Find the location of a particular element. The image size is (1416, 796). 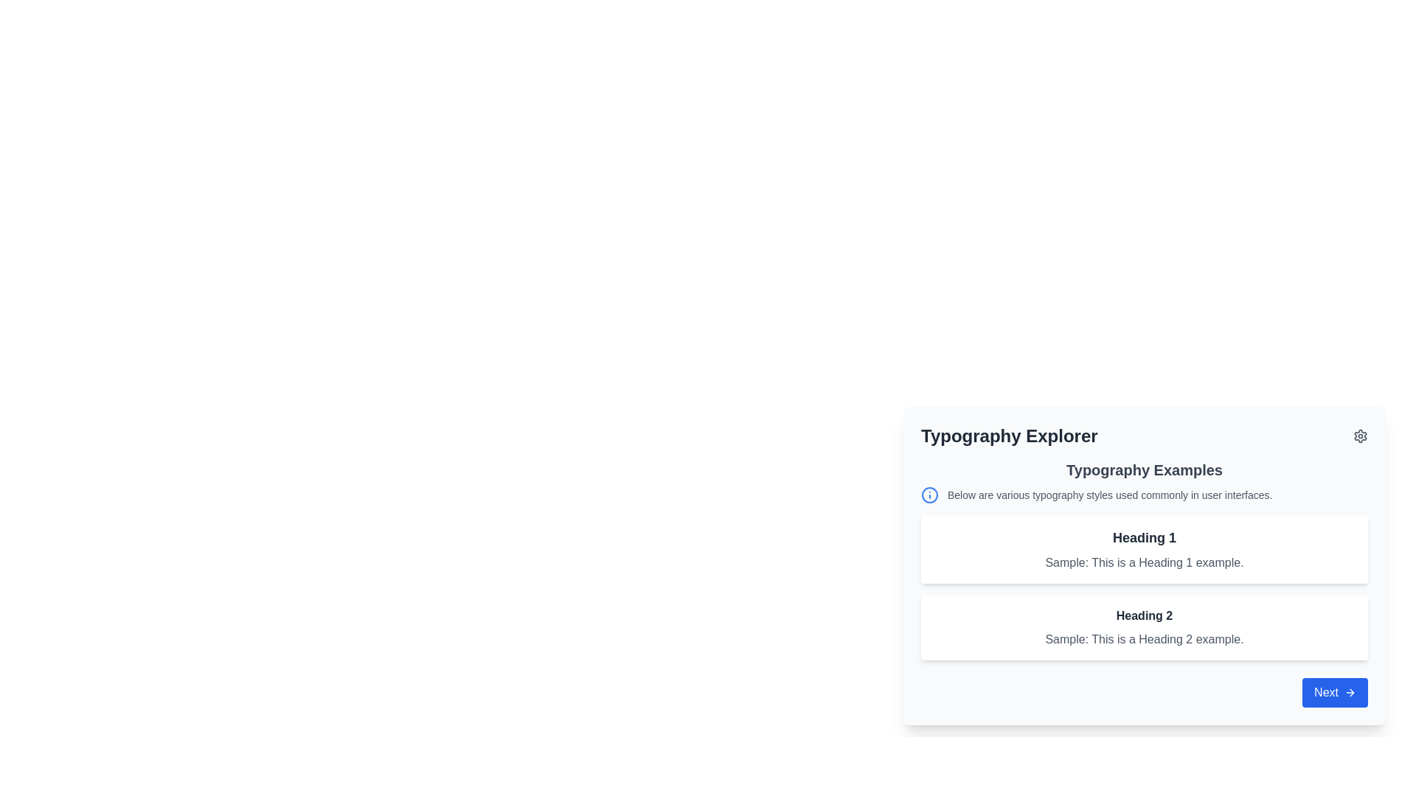

text label that contains 'Below are various typography styles used commonly in user interfaces.' located in the bottom-right panel titled 'Typography Explorer', specifically below the heading 'Typography Examples' is located at coordinates (1110, 495).